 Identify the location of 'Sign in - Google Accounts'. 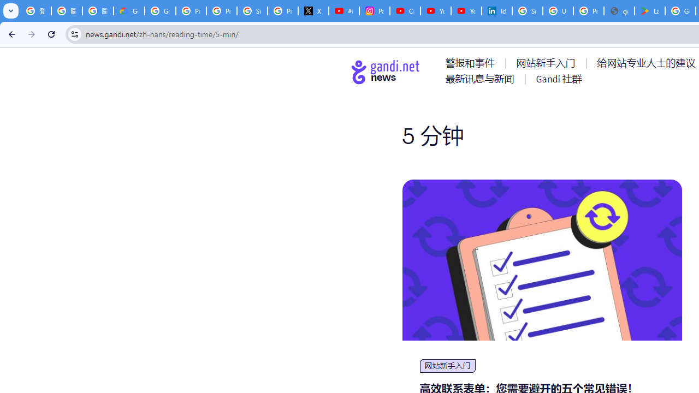
(528, 11).